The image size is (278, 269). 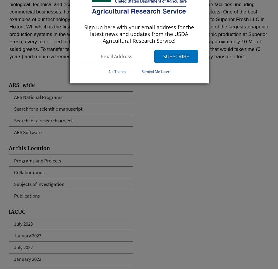 I want to click on 'ARS-wide', so click(x=22, y=85).